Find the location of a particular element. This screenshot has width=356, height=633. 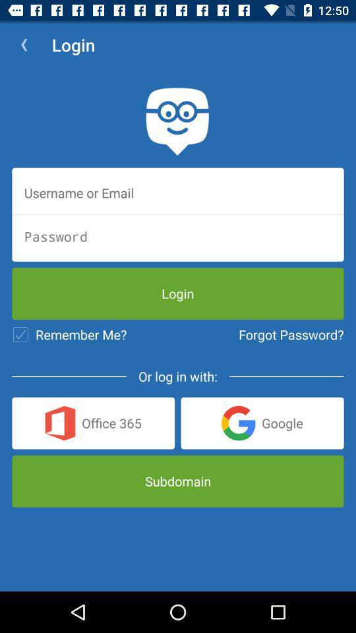

item to the right of the remember me? icon is located at coordinates (291, 334).